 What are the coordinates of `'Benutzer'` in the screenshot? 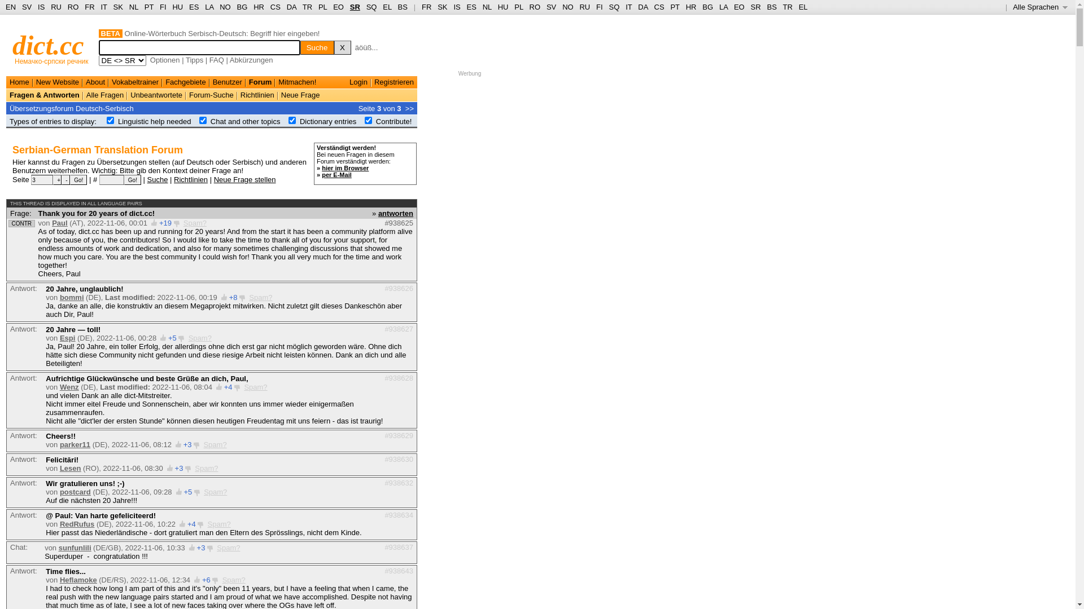 It's located at (227, 81).